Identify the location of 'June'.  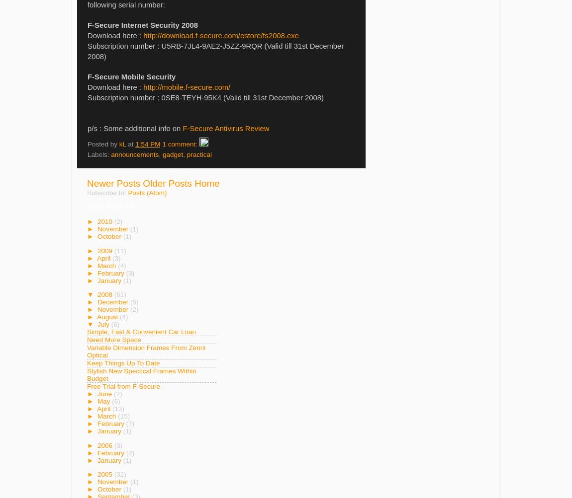
(104, 393).